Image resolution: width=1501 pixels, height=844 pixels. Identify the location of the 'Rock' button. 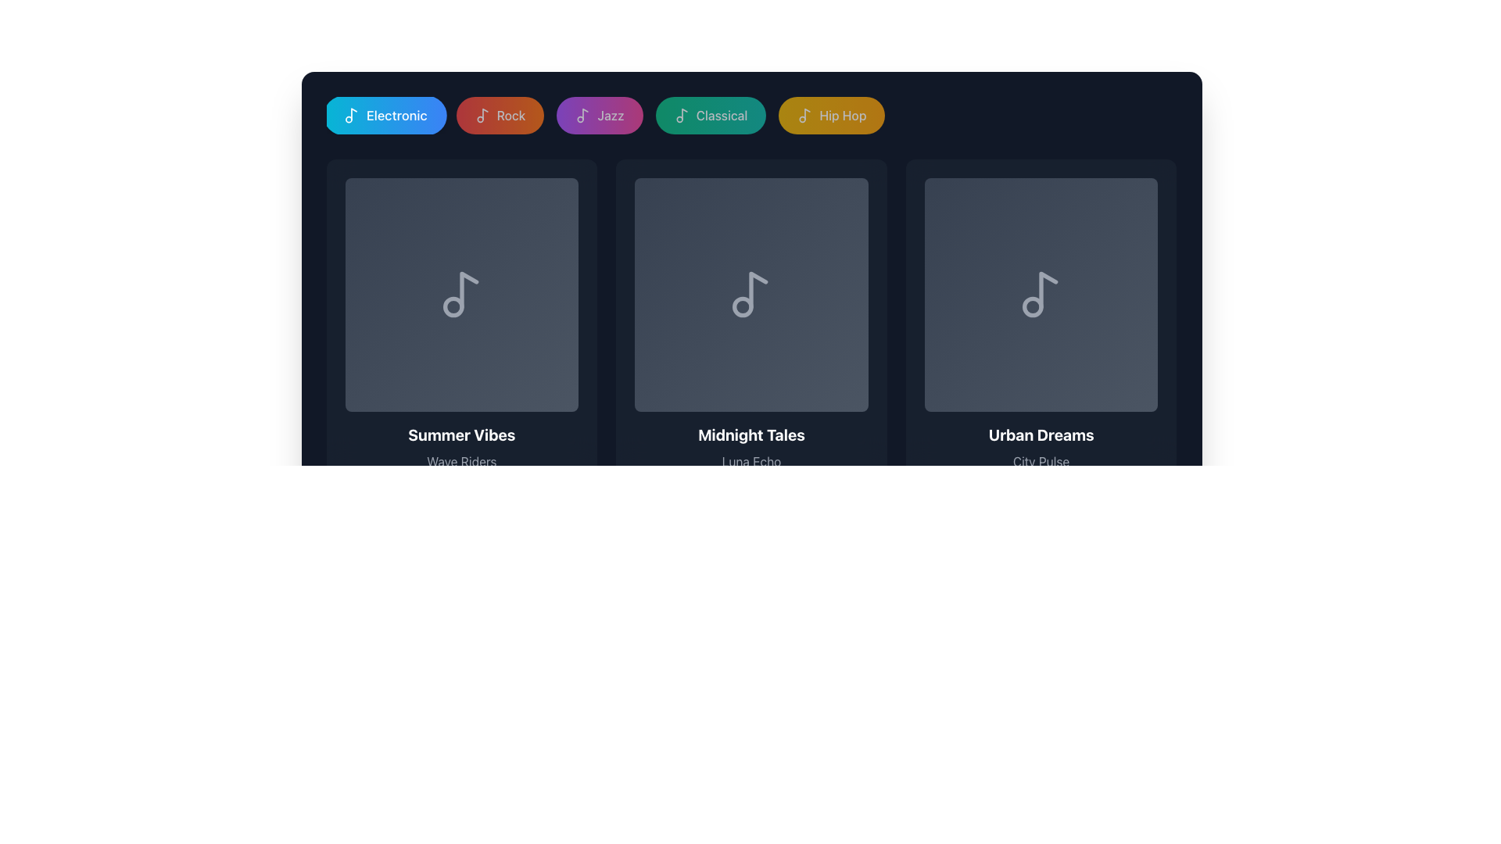
(482, 114).